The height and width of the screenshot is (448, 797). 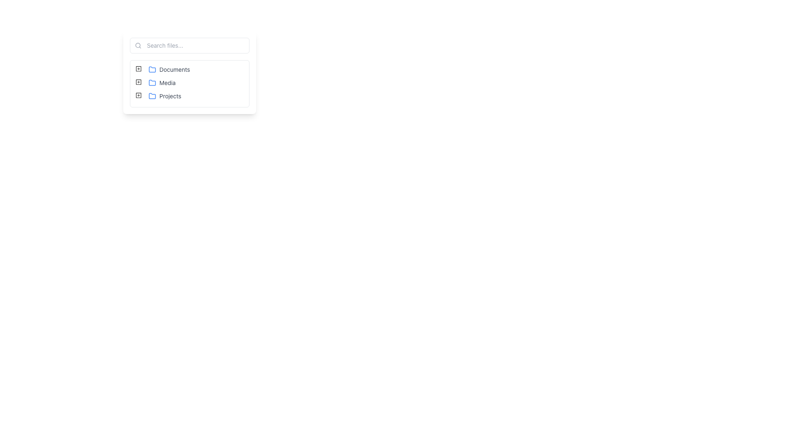 What do you see at coordinates (162, 83) in the screenshot?
I see `on the 'Media' folder item in the tree view structure` at bounding box center [162, 83].